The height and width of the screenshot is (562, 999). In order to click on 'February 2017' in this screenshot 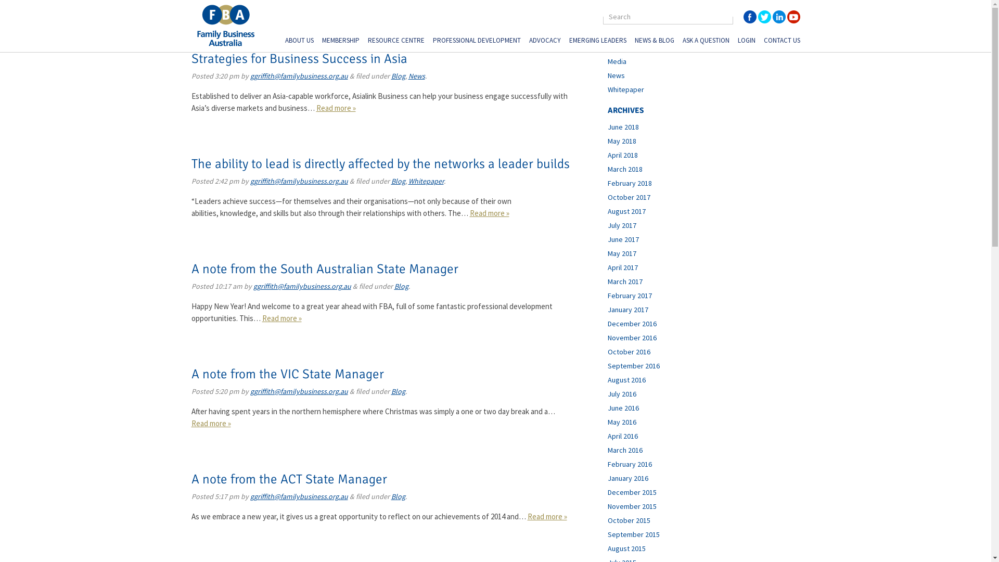, I will do `click(629, 295)`.